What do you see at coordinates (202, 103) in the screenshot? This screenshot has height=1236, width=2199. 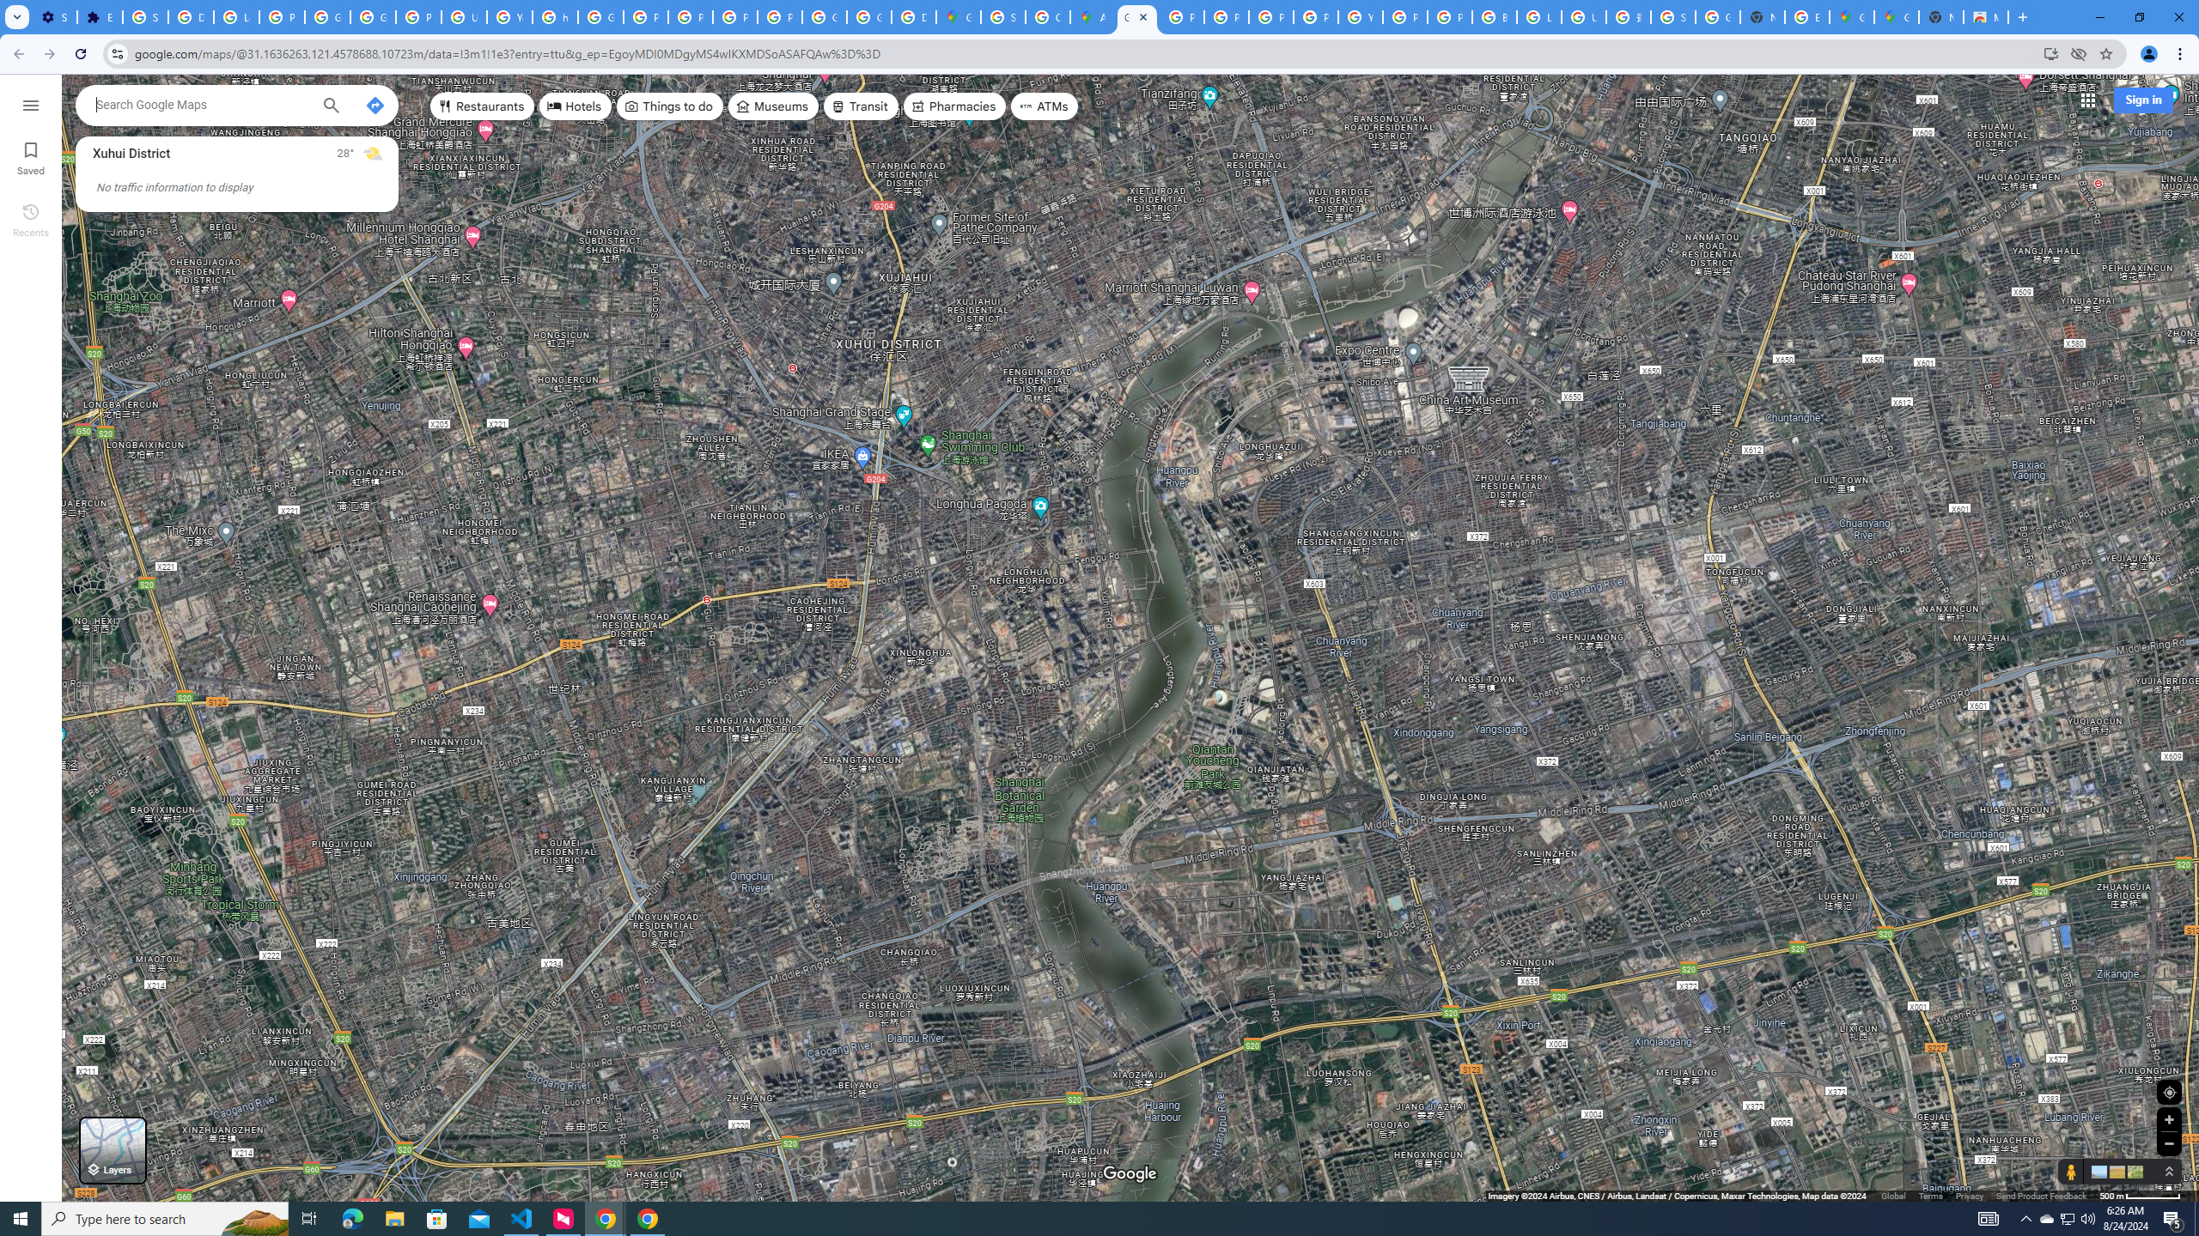 I see `'Search Google Maps'` at bounding box center [202, 103].